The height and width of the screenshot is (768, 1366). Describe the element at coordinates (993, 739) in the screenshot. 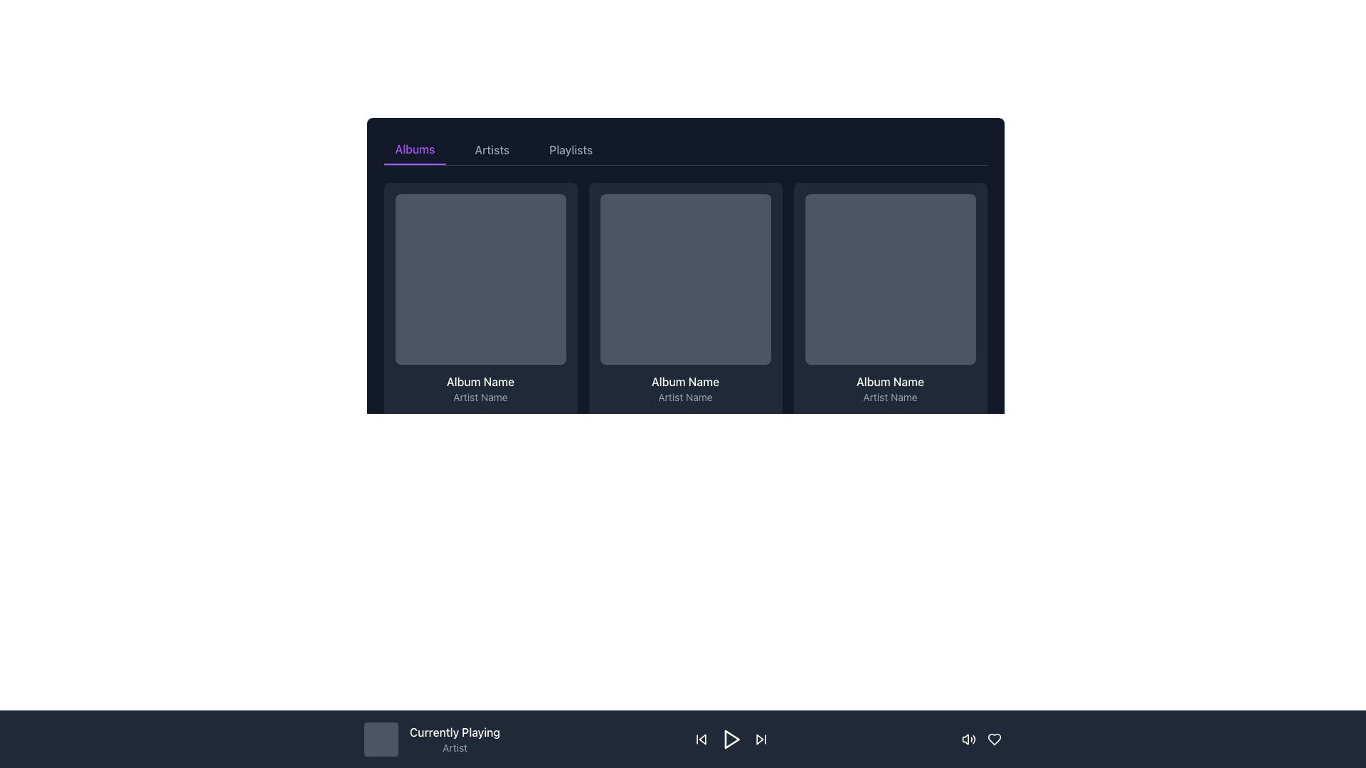

I see `the heart icon button located in the bottom bar to mark the item as favorite` at that location.